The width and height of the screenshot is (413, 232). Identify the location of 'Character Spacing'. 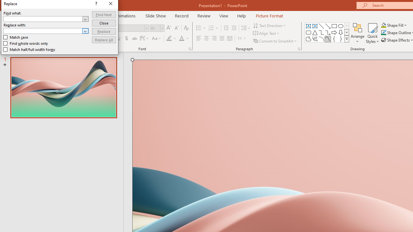
(144, 38).